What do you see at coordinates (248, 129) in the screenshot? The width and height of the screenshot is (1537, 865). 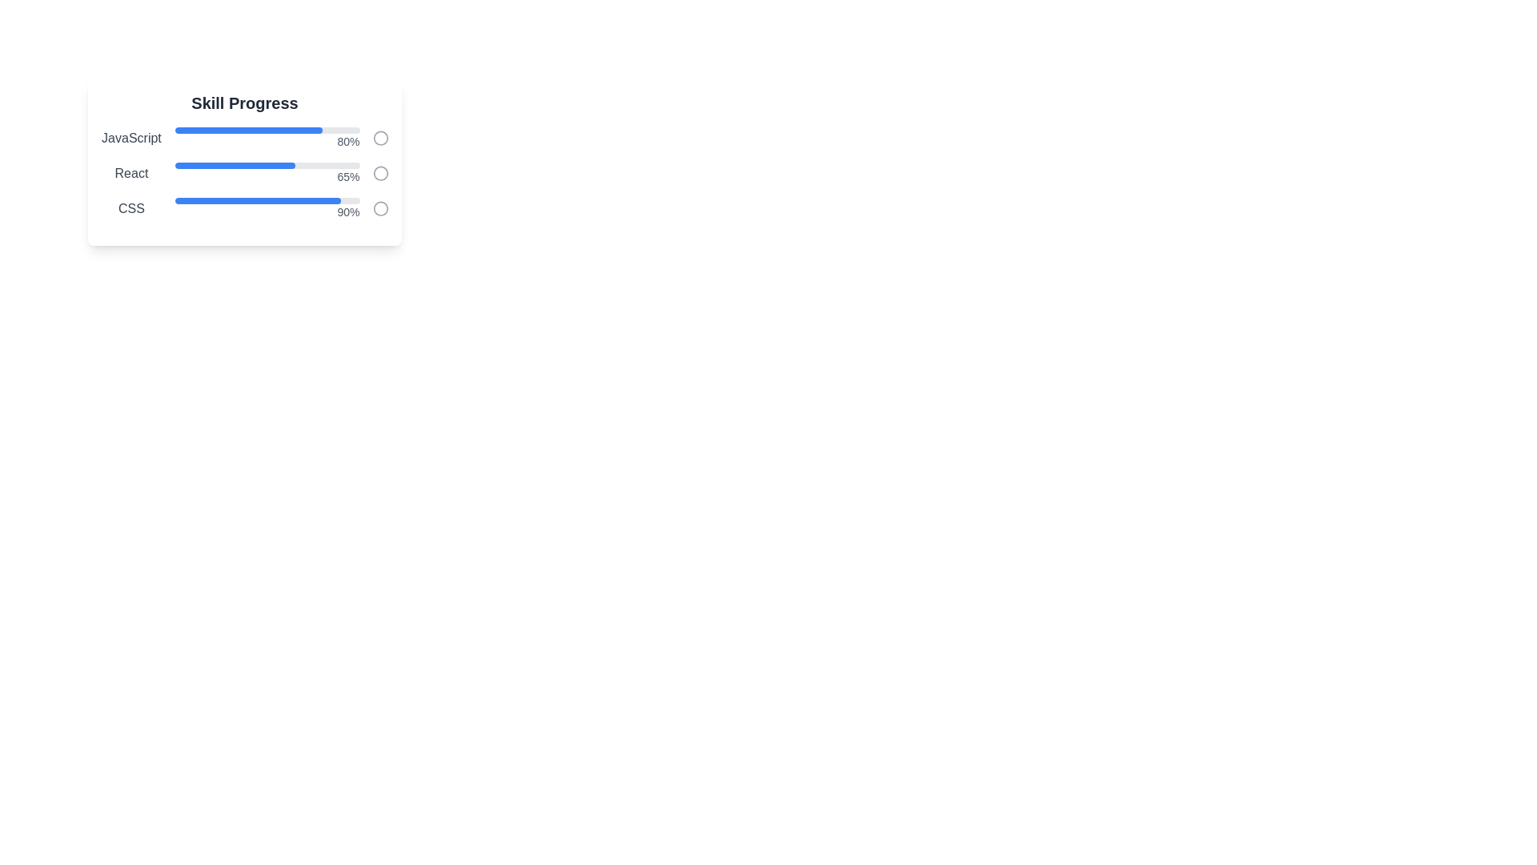 I see `the visual progress of the 'JavaScript' skill by interacting with the progress indicator bar located in the 'Skill Progress' section, which shows 80% completion` at bounding box center [248, 129].